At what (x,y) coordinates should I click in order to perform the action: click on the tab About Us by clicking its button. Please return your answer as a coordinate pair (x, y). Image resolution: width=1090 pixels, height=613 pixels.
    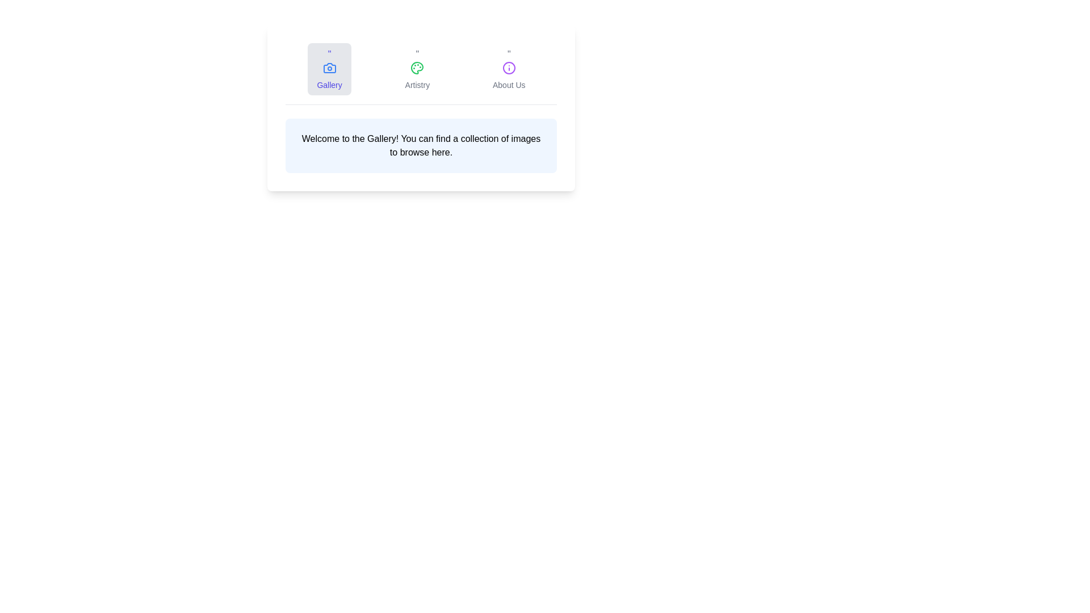
    Looking at the image, I should click on (508, 69).